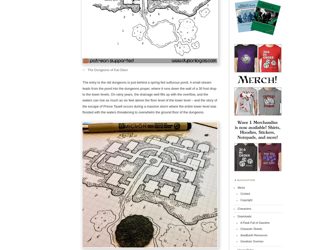 This screenshot has width=319, height=250. I want to click on 'Copyright', so click(246, 200).